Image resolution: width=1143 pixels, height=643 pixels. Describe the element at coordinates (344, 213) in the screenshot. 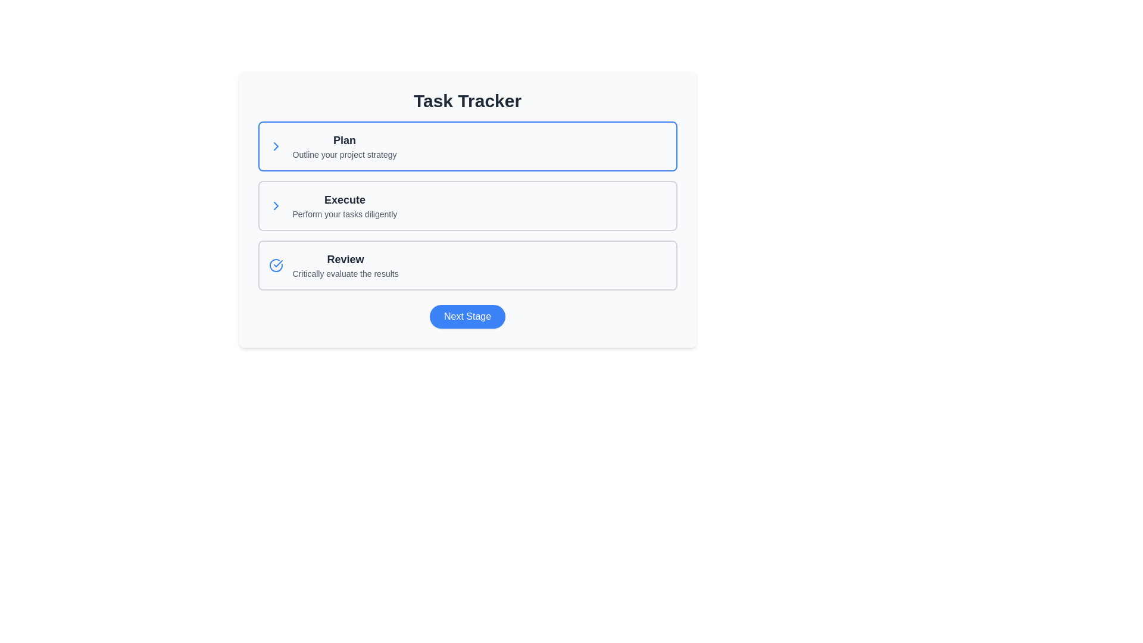

I see `the text label displaying 'Perform your tasks diligently', which is located beneath the 'Execute' title text` at that location.